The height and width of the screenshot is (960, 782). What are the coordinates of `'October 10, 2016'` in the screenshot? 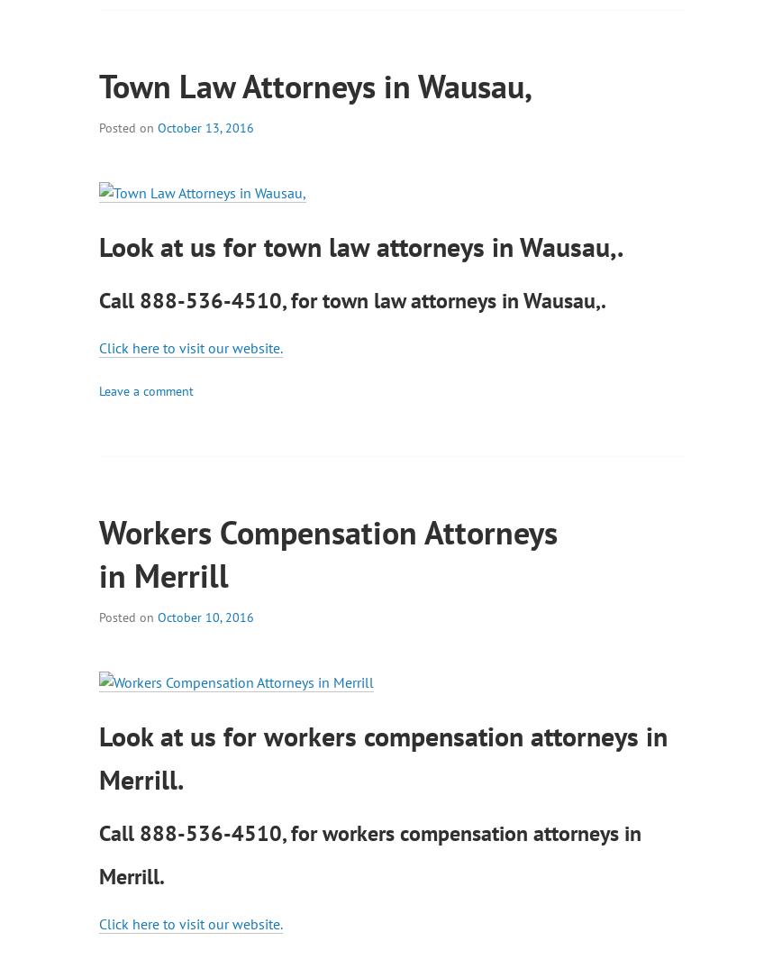 It's located at (157, 617).